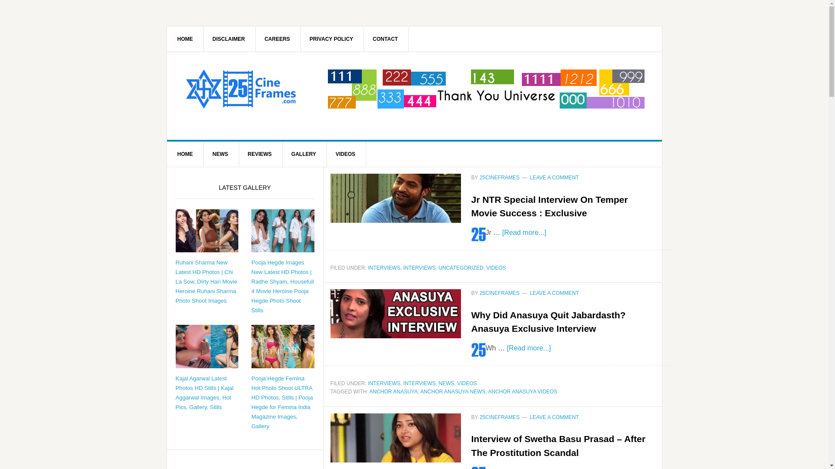  What do you see at coordinates (554, 177) in the screenshot?
I see `'LEAVE A COMMENT'` at bounding box center [554, 177].